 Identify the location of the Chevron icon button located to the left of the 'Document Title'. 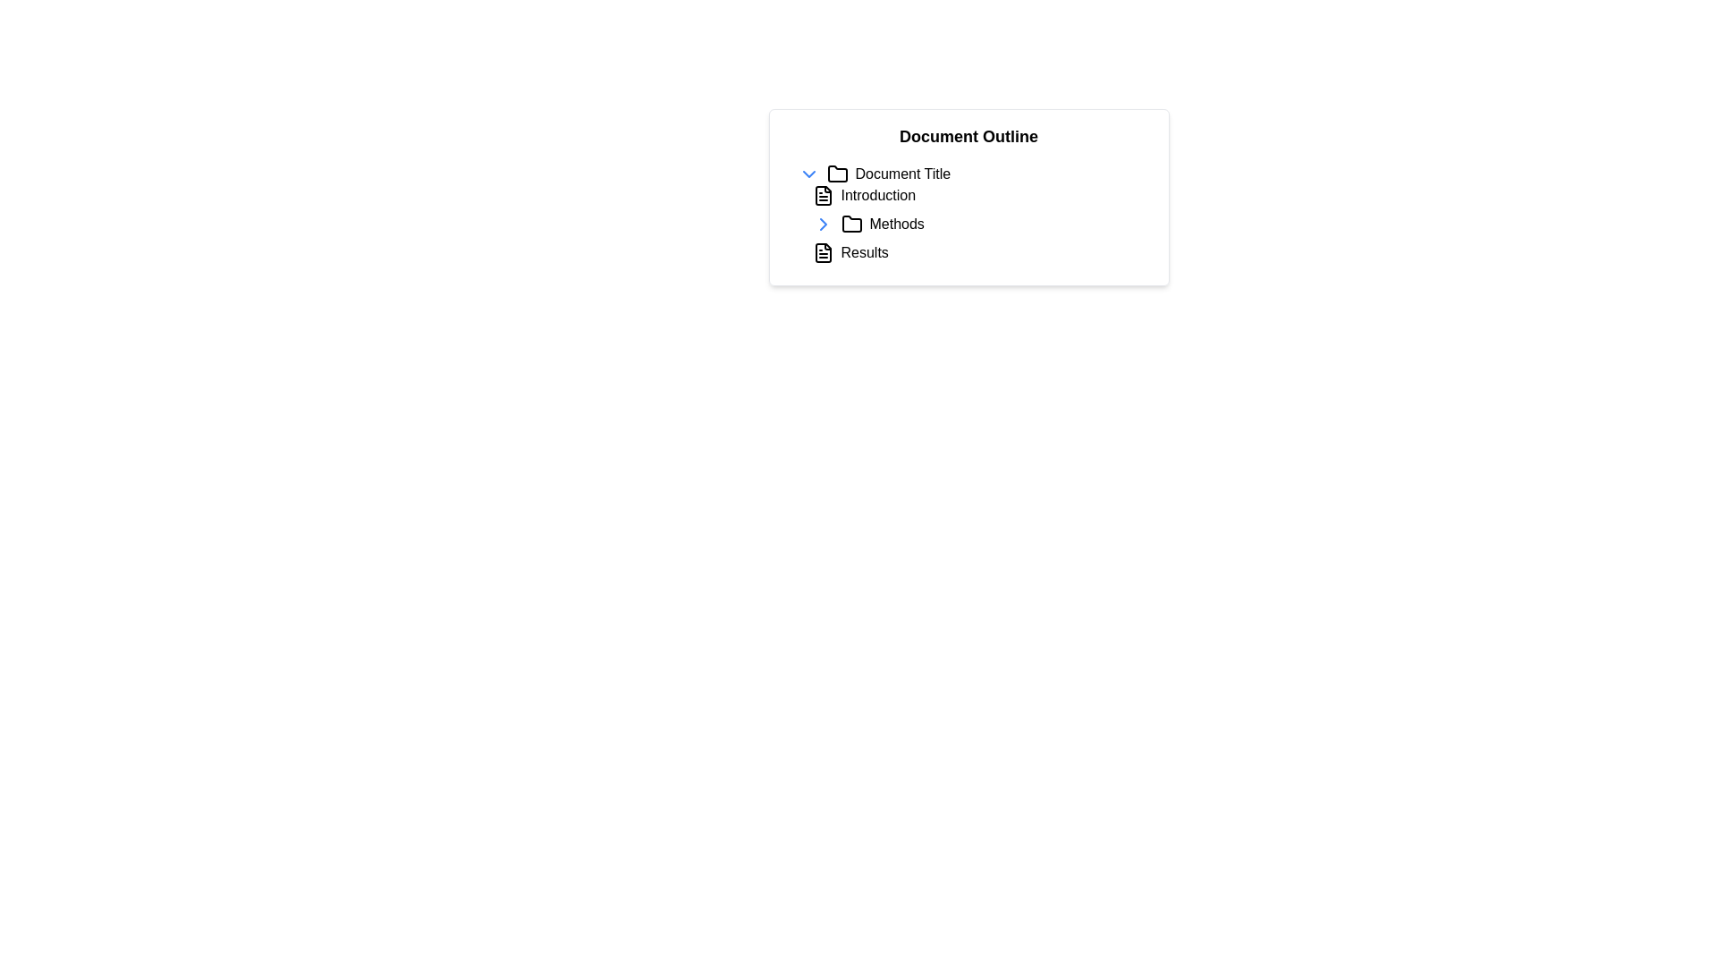
(808, 174).